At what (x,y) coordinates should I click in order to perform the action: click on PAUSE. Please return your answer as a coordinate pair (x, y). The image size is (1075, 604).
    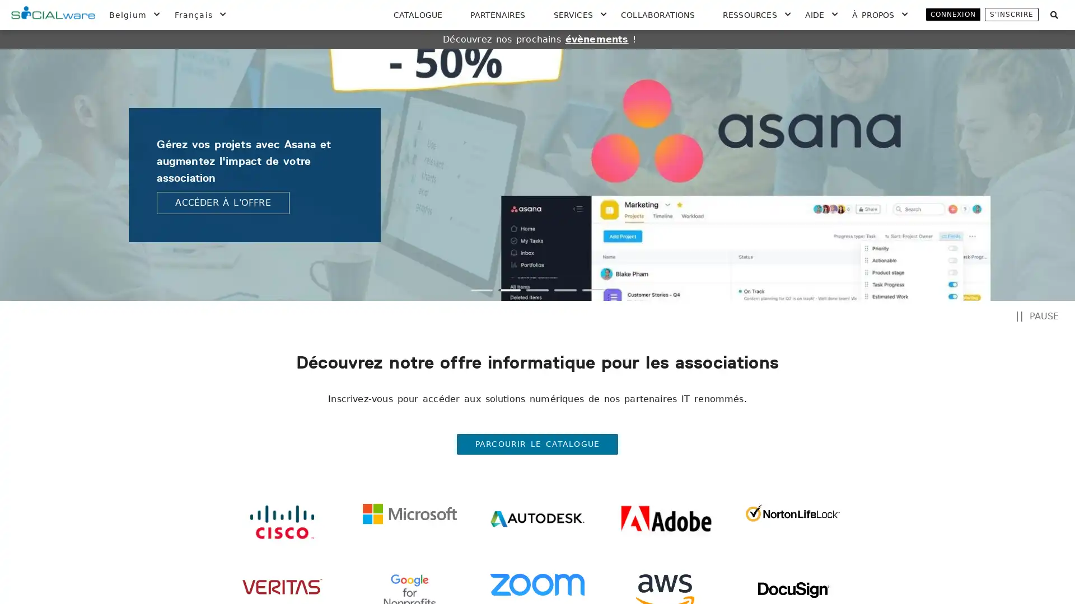
    Looking at the image, I should click on (1037, 317).